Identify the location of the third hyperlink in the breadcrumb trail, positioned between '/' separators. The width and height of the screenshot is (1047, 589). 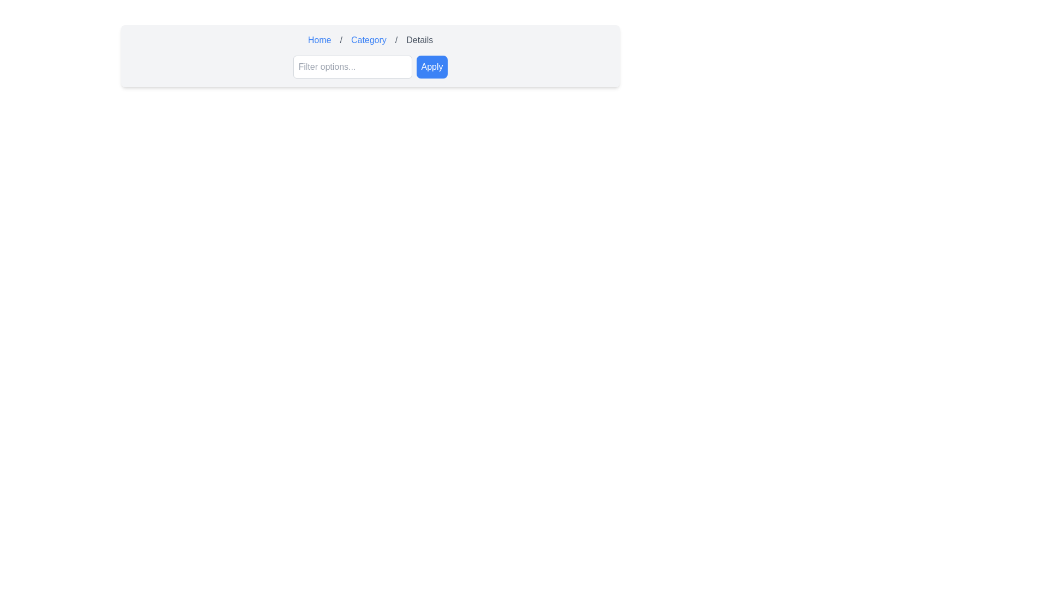
(369, 39).